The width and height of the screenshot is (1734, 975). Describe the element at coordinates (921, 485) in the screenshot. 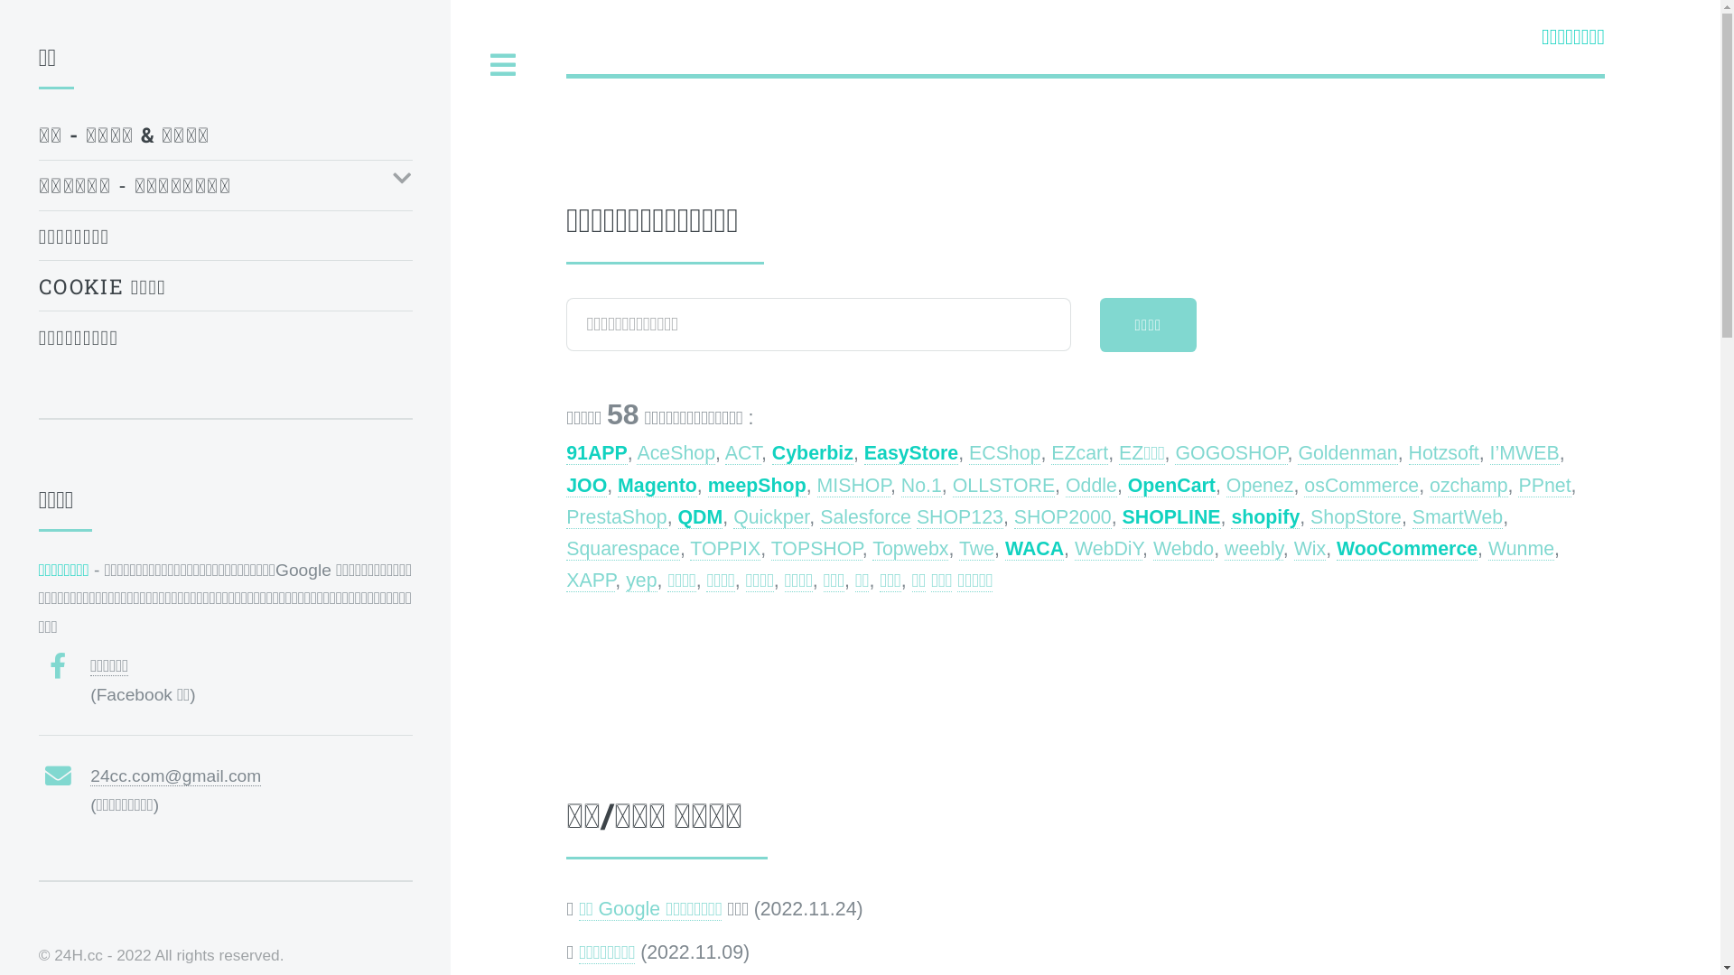

I see `'No.1'` at that location.